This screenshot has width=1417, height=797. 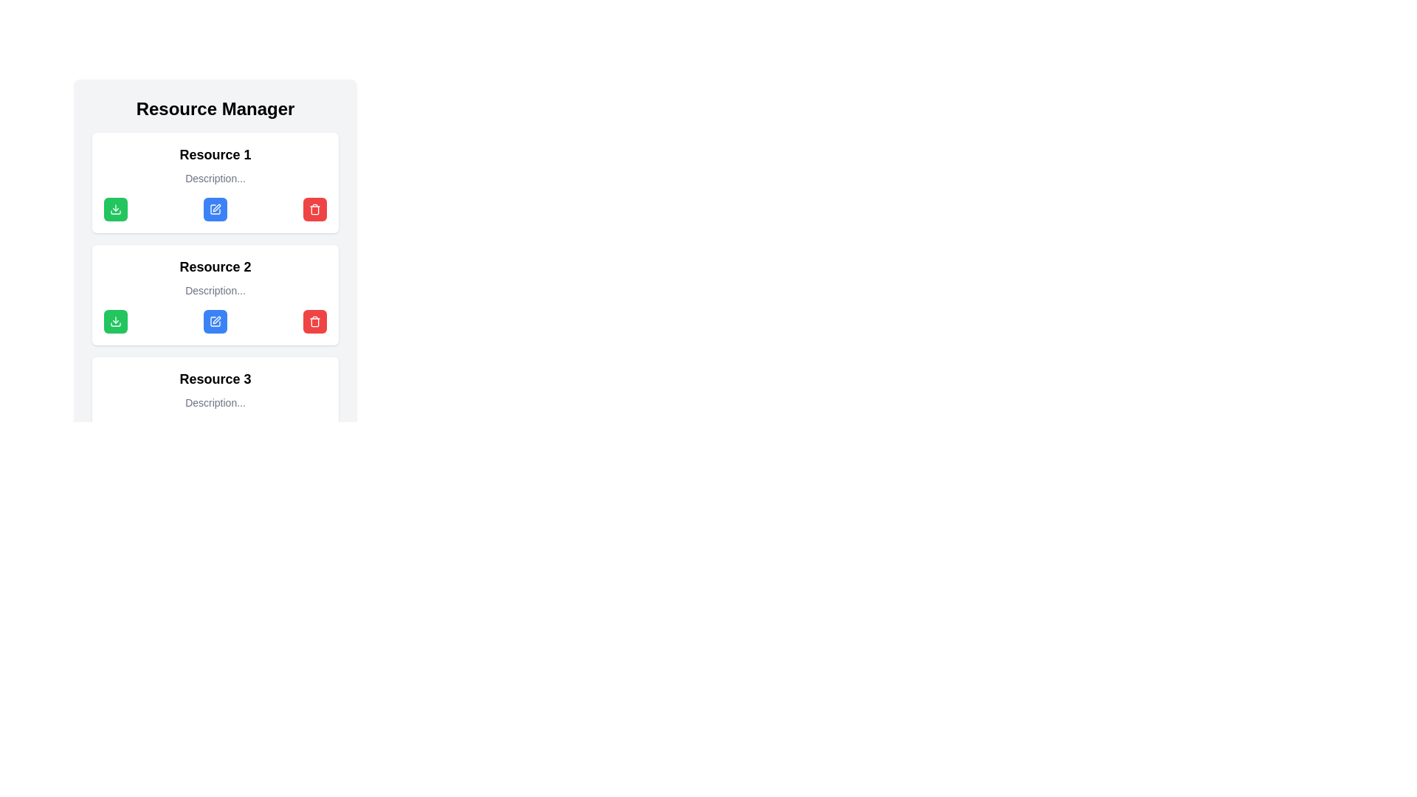 I want to click on the second interactive button with an icon for editing details of Resource 2, located centrally between a green button and a red button, in the second row of buttons, so click(x=215, y=320).